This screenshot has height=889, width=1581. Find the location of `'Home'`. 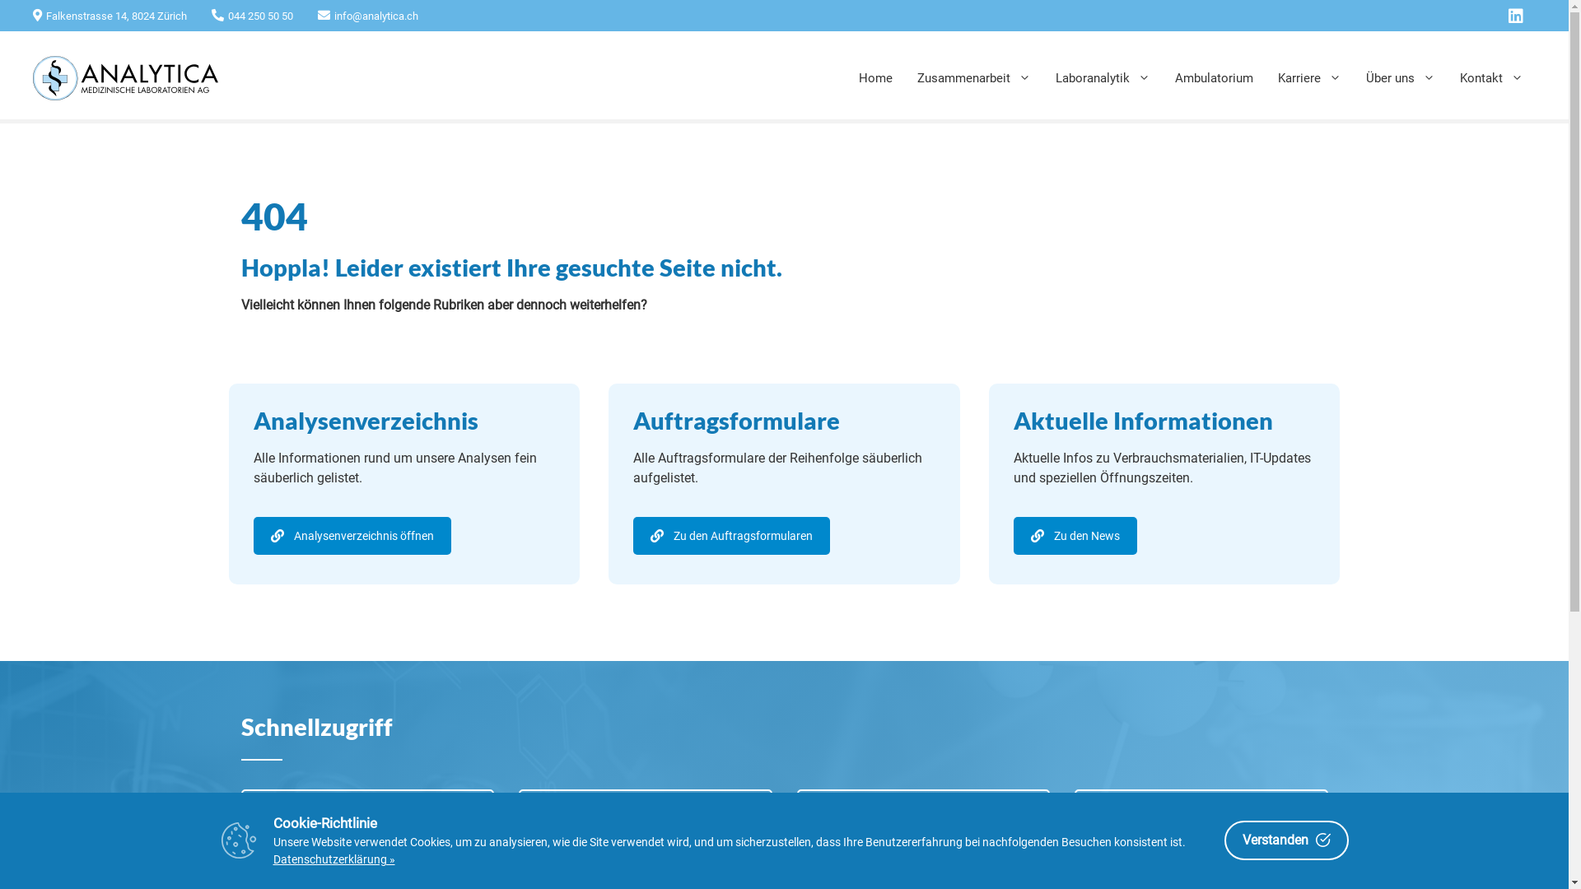

'Home' is located at coordinates (874, 78).